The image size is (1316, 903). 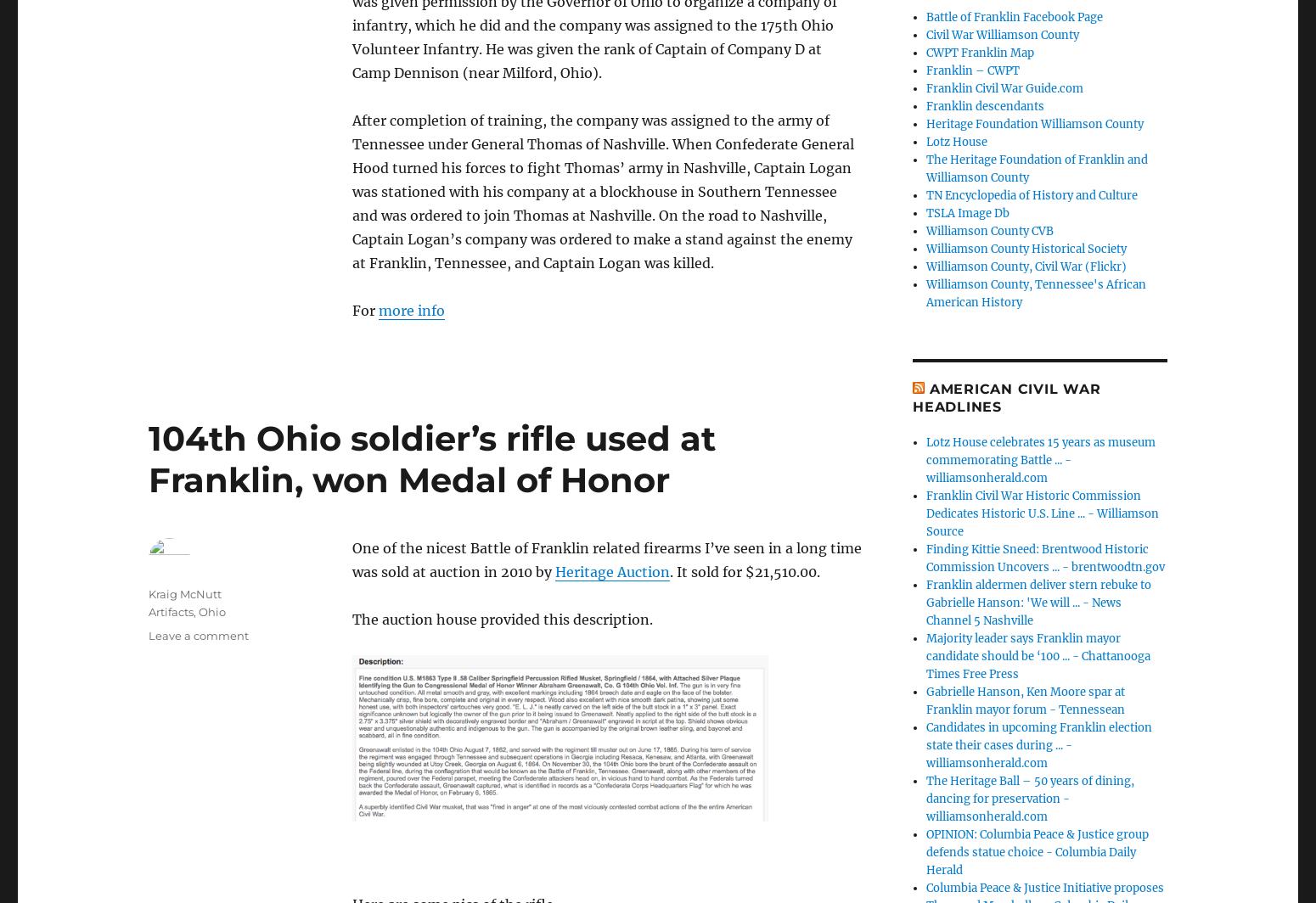 I want to click on 'The Heritage Ball – 50 years of dining, dancing for preservation - williamsonherald.com', so click(x=1030, y=798).